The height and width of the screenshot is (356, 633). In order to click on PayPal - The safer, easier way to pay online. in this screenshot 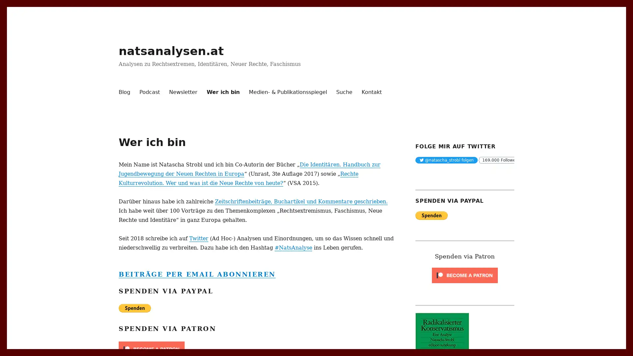, I will do `click(432, 215)`.